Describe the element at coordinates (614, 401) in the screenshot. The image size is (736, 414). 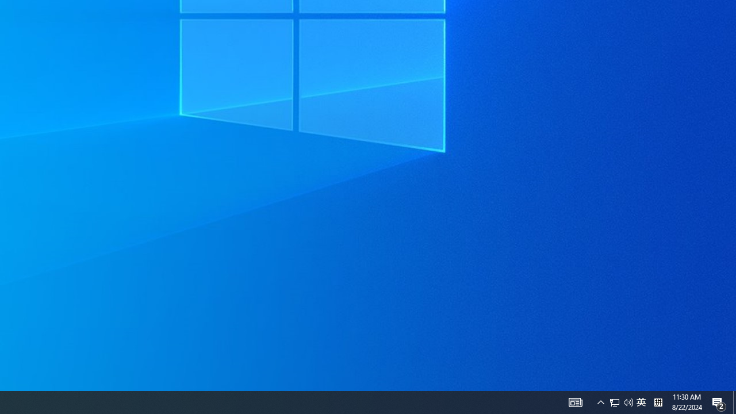
I see `'Notification Chevron'` at that location.